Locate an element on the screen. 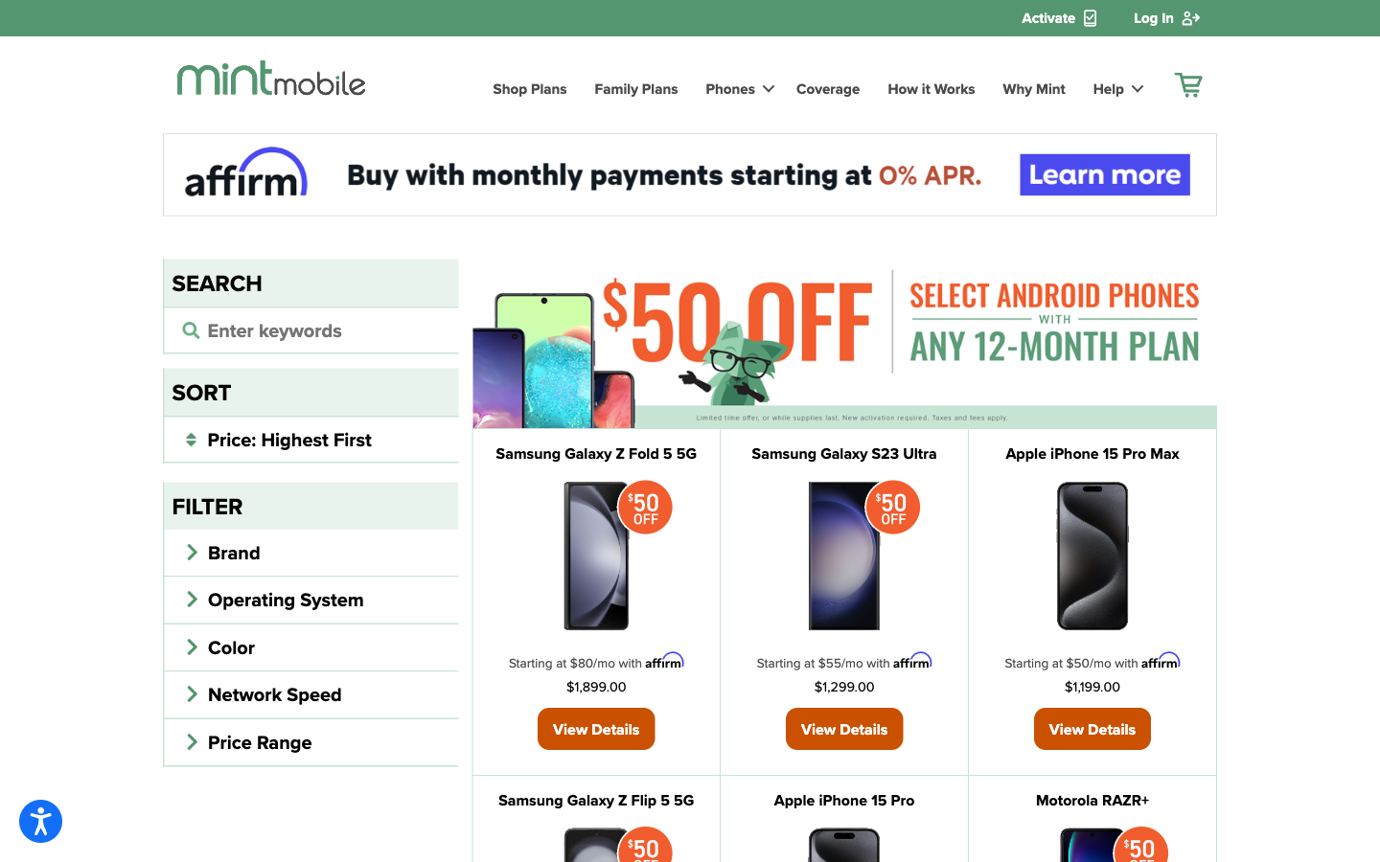  out more about Samsung Galaxy Z Flip 5 5G is located at coordinates (594, 800).